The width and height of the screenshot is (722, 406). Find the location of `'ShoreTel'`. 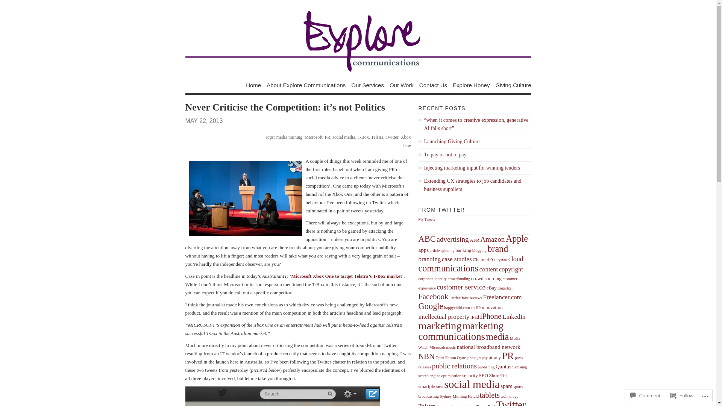

'ShoreTel' is located at coordinates (489, 375).